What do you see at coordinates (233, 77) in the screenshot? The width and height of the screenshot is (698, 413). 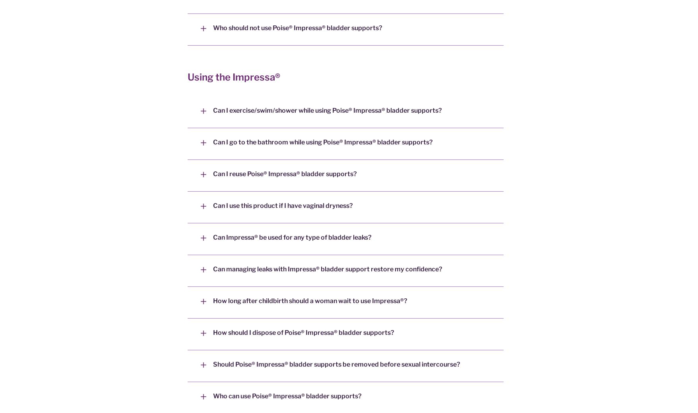 I see `'Using the Impressa®'` at bounding box center [233, 77].